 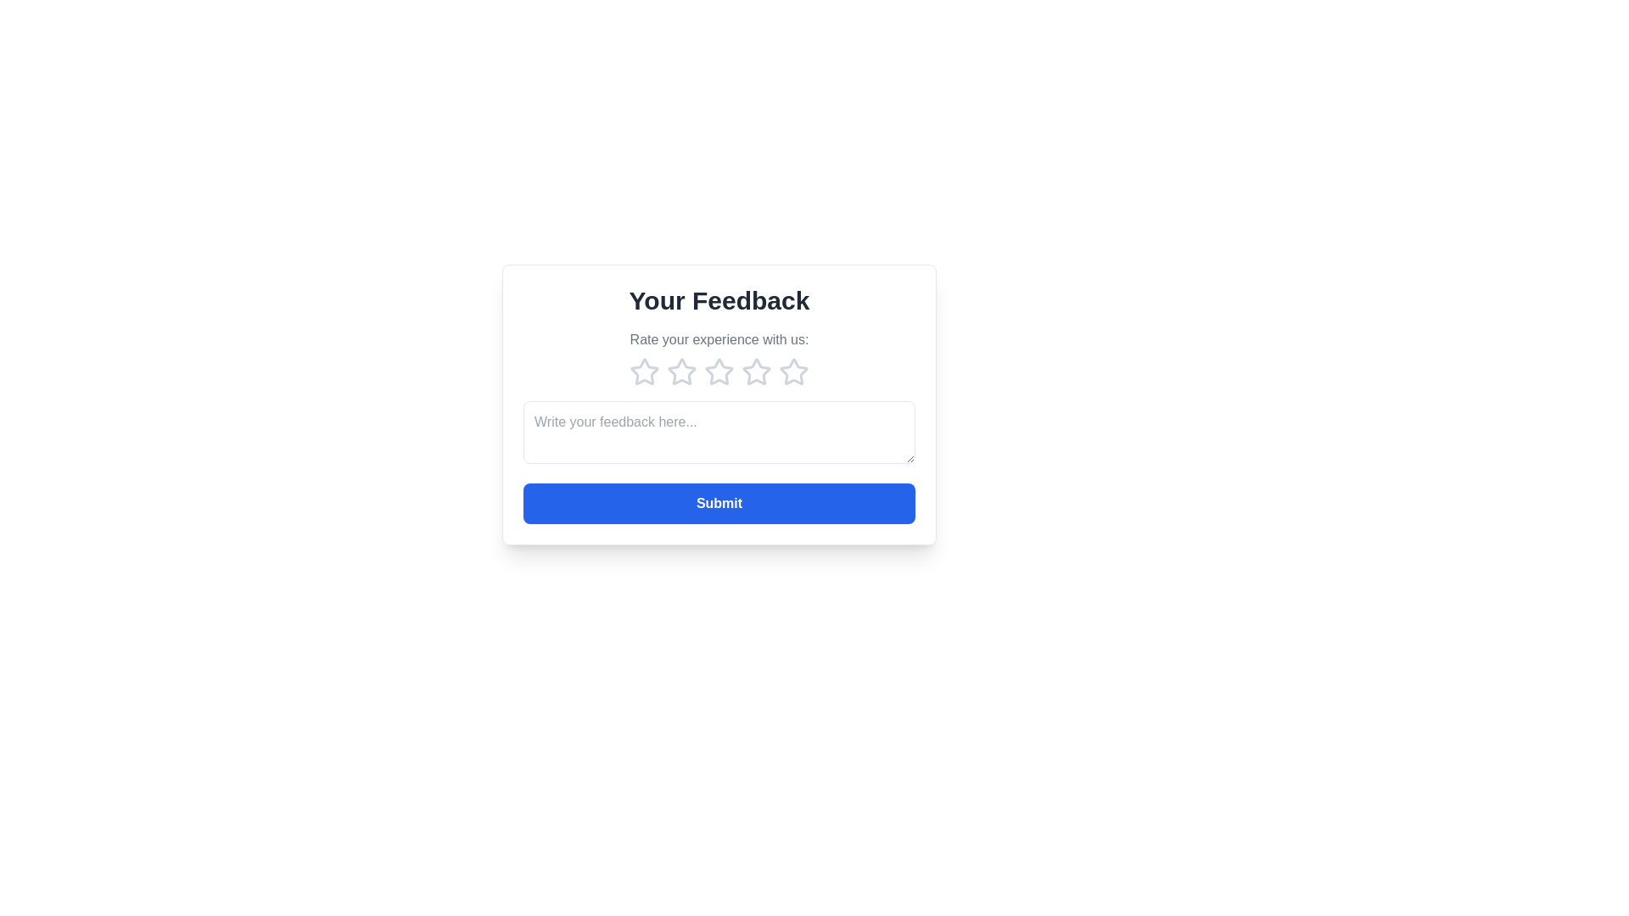 What do you see at coordinates (756, 371) in the screenshot?
I see `the star corresponding to 4 to set the rating` at bounding box center [756, 371].